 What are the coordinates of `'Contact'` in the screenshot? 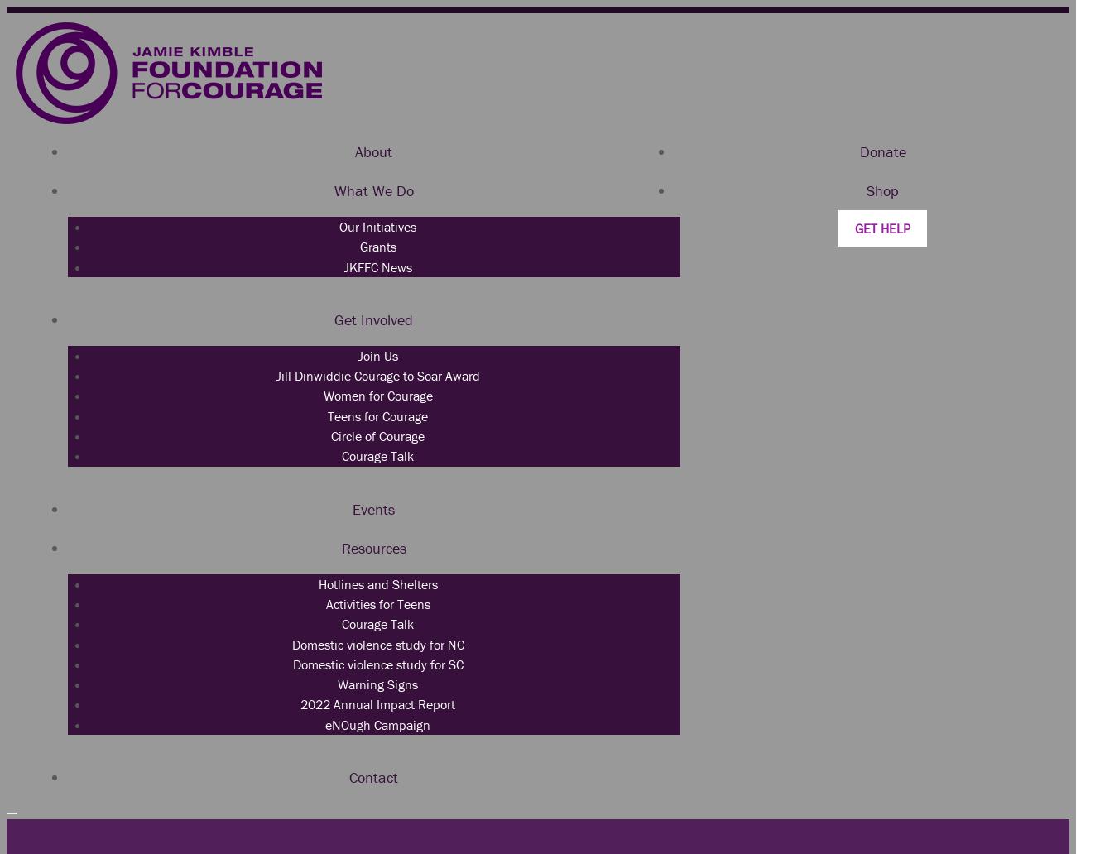 It's located at (372, 776).